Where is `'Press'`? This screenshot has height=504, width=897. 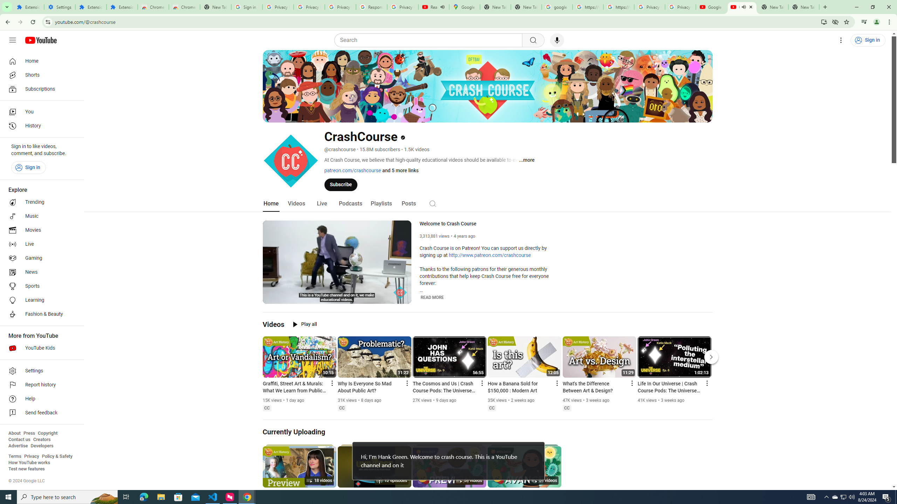 'Press' is located at coordinates (29, 433).